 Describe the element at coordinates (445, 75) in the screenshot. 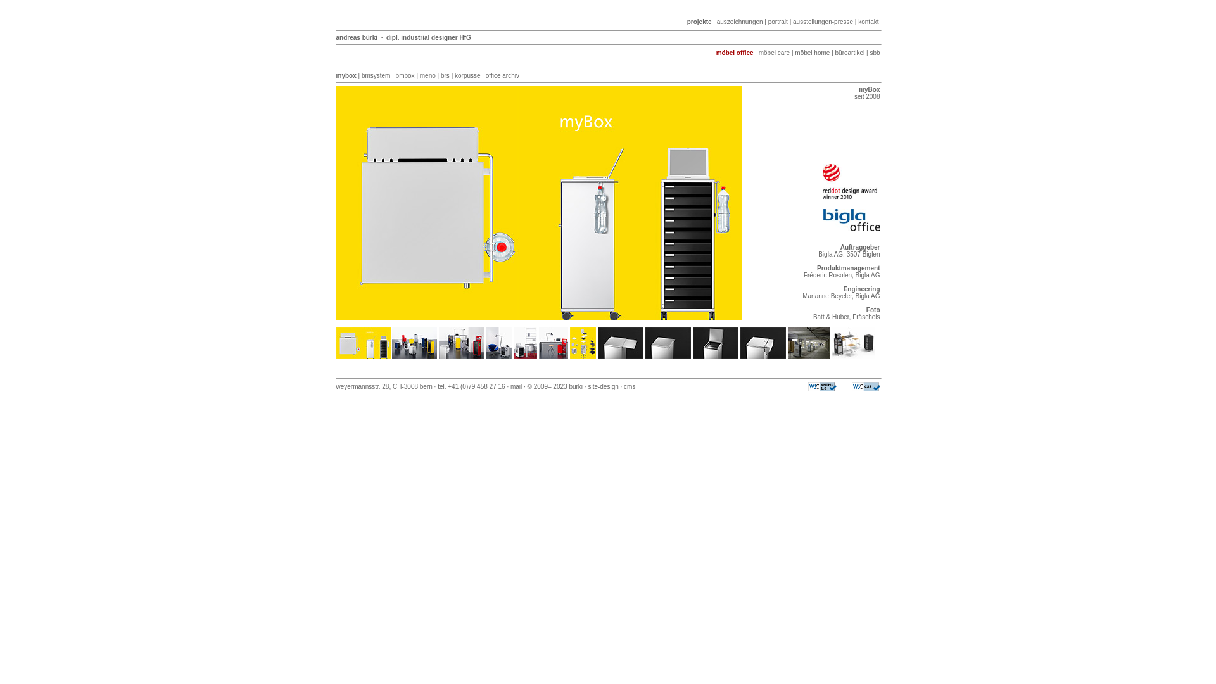

I see `'brs'` at that location.